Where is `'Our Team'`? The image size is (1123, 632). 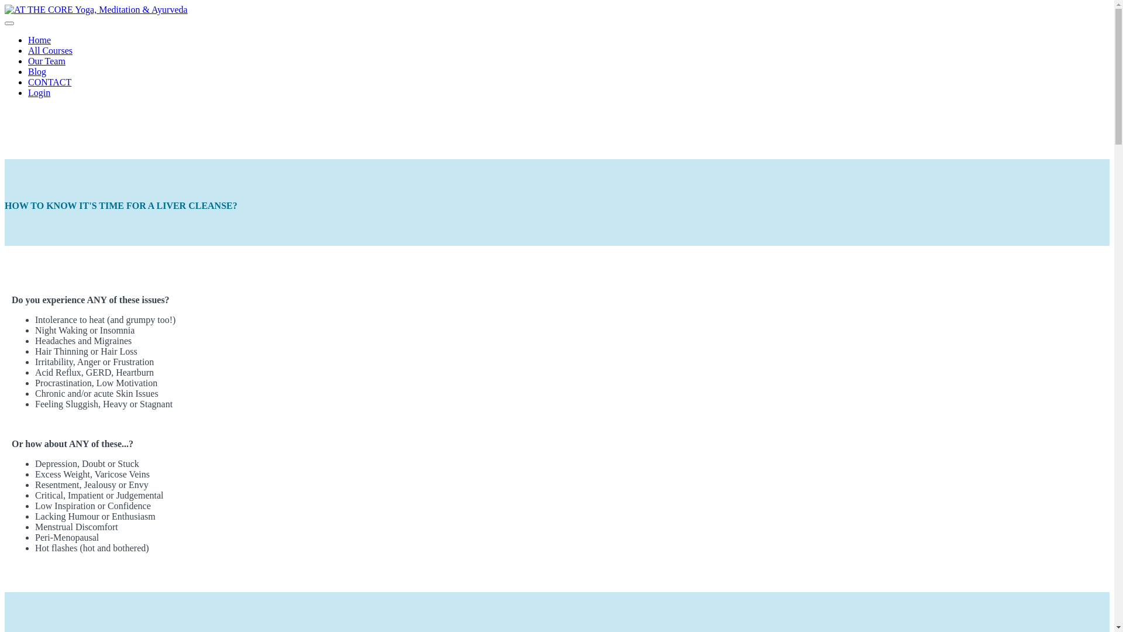
'Our Team' is located at coordinates (47, 61).